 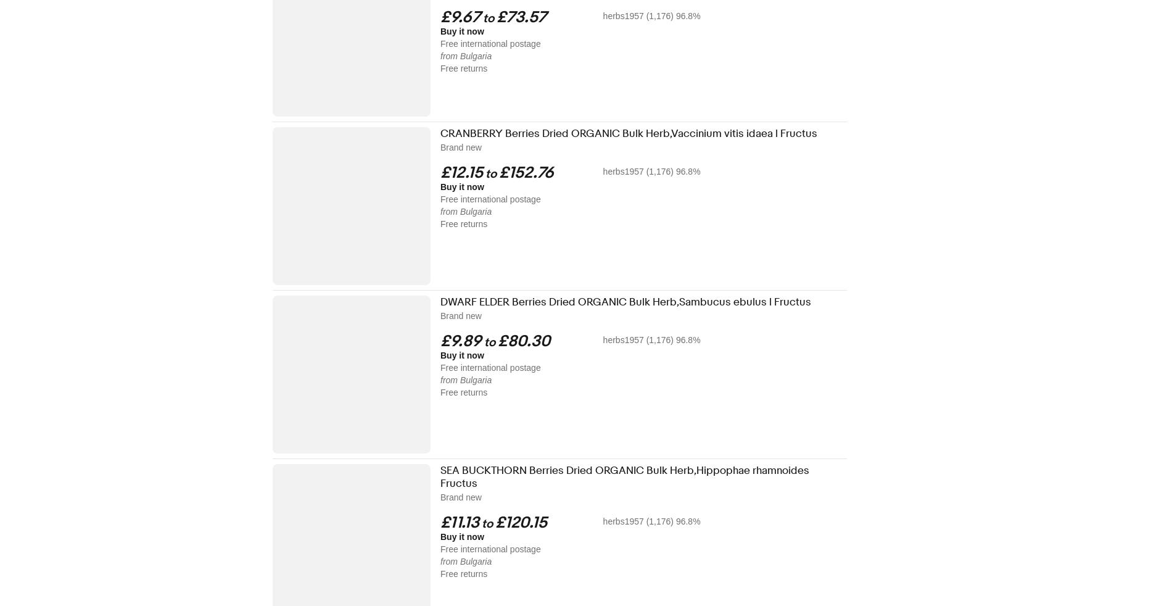 What do you see at coordinates (629, 133) in the screenshot?
I see `'CRANBERRY Berries Dried ORGANIC Bulk Herb,Vaccinium vitis idaea l Fructus'` at bounding box center [629, 133].